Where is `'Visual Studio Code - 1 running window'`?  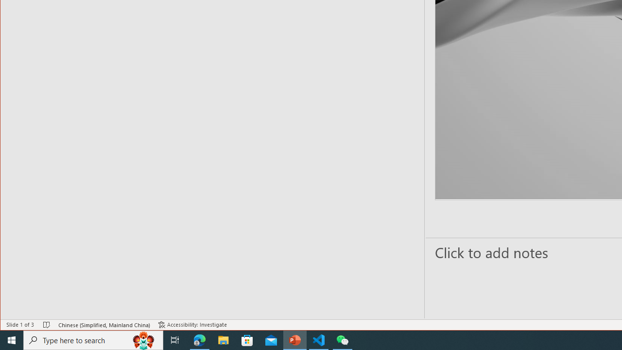
'Visual Studio Code - 1 running window' is located at coordinates (319, 339).